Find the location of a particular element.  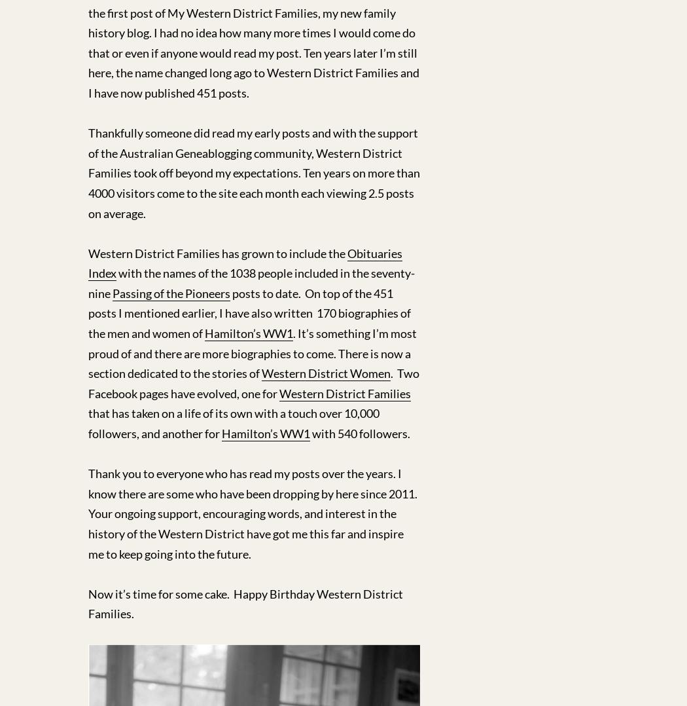

'Western District Families' is located at coordinates (345, 393).